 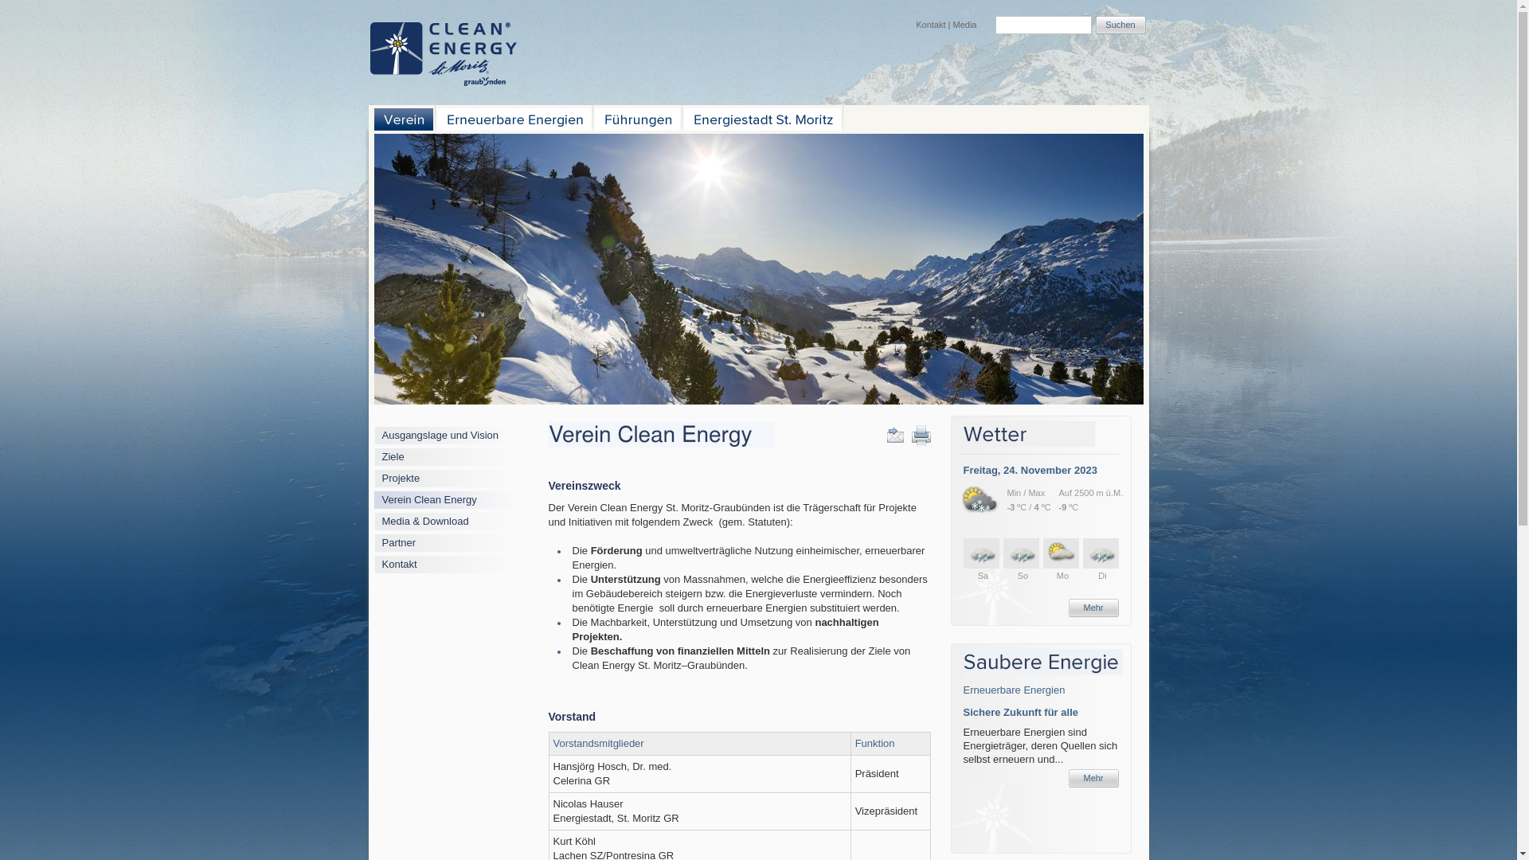 I want to click on 'Ausgangslage und Vision', so click(x=382, y=435).